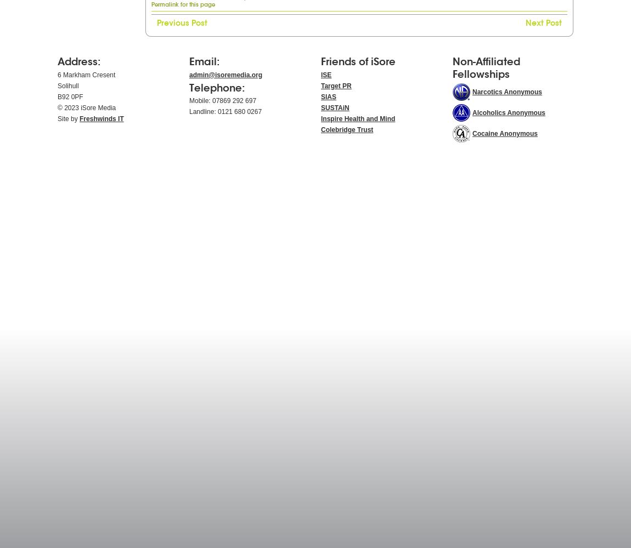 The width and height of the screenshot is (631, 548). I want to click on 'Target PR', so click(335, 85).